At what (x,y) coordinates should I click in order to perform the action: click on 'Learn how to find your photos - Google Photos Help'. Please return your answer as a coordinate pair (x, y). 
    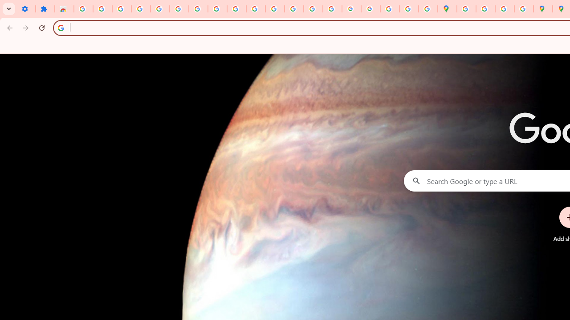
    Looking at the image, I should click on (140, 9).